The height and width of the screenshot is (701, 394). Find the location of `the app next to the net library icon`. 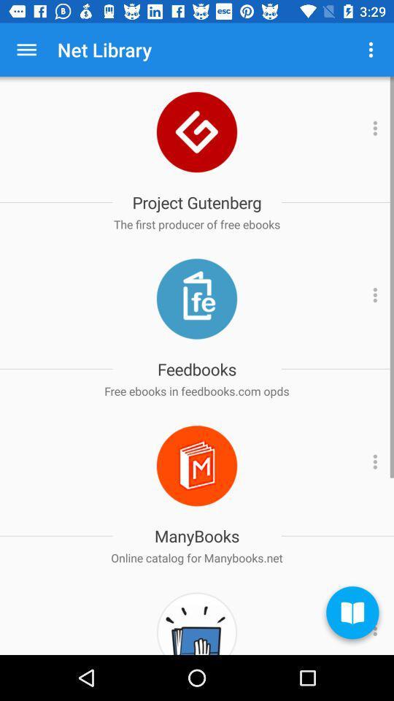

the app next to the net library icon is located at coordinates (26, 50).